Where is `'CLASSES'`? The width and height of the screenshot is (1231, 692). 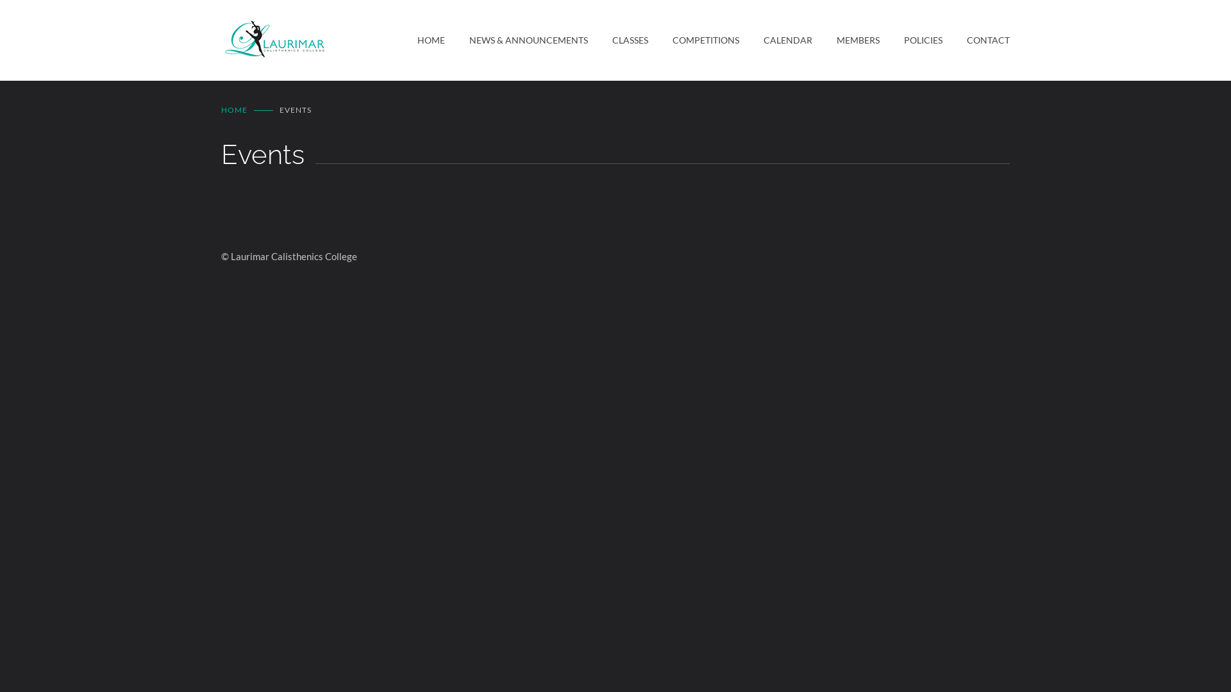
'CLASSES' is located at coordinates (618, 39).